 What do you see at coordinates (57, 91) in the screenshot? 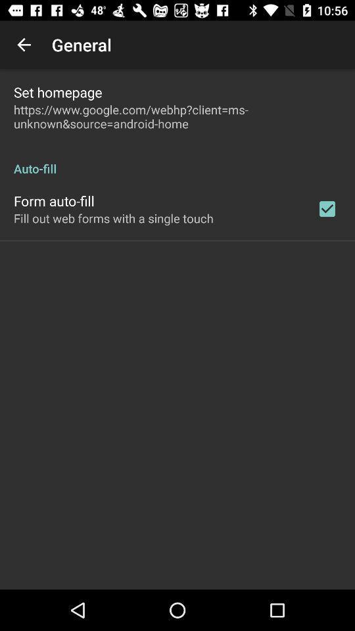
I see `the icon above https www google item` at bounding box center [57, 91].